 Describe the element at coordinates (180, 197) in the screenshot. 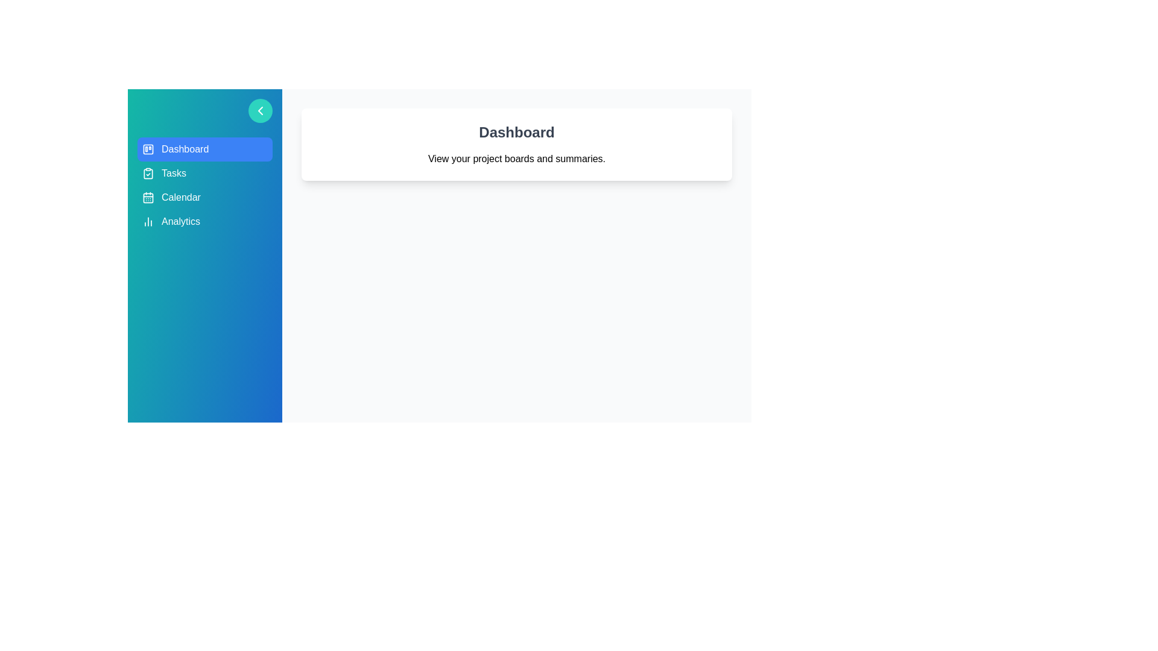

I see `the text label displaying 'Calendar' which is the third item in the sidebar menu on the left side of the interface` at that location.